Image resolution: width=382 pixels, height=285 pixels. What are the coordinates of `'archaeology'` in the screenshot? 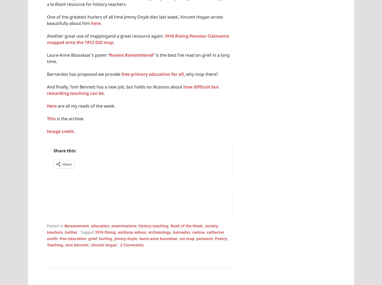 It's located at (159, 232).